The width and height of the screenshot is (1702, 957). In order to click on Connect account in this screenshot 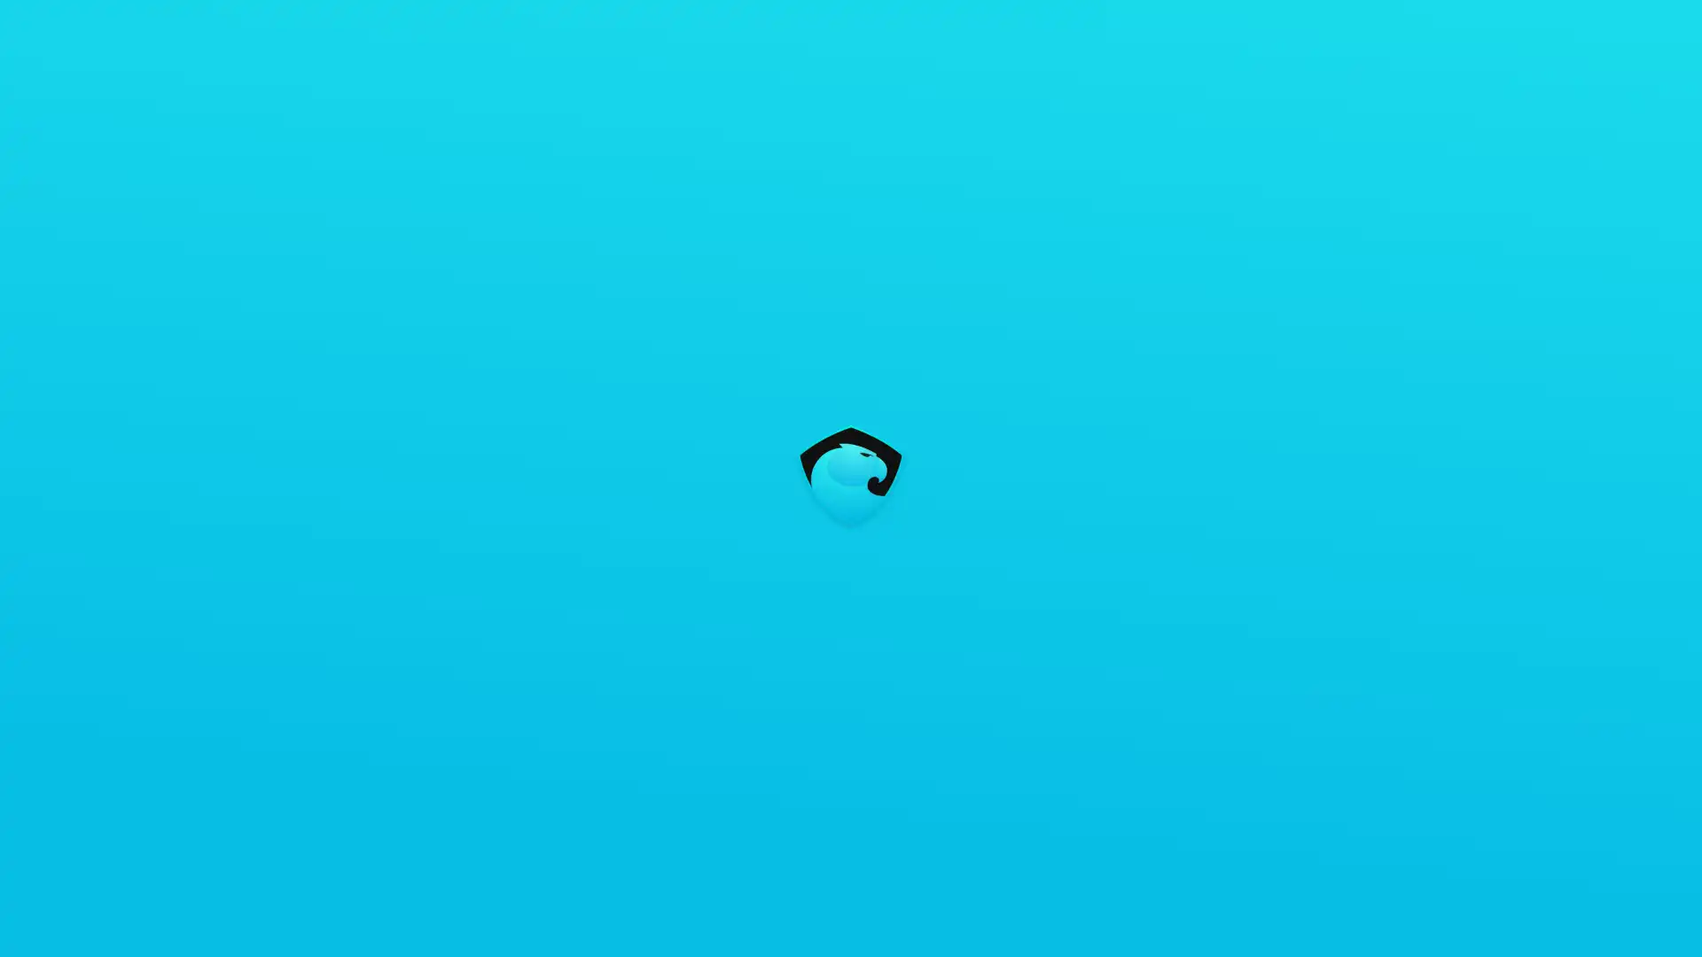, I will do `click(1551, 27)`.